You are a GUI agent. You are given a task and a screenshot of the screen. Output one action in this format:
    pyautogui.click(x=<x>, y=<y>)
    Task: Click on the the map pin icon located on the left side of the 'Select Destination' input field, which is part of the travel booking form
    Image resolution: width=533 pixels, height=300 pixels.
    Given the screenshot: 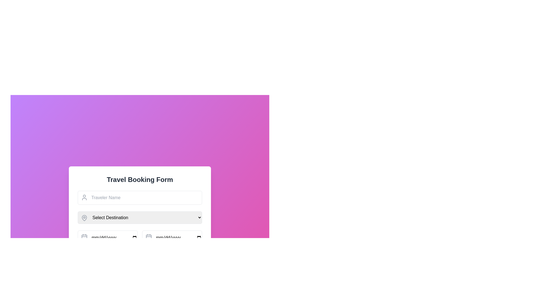 What is the action you would take?
    pyautogui.click(x=84, y=218)
    